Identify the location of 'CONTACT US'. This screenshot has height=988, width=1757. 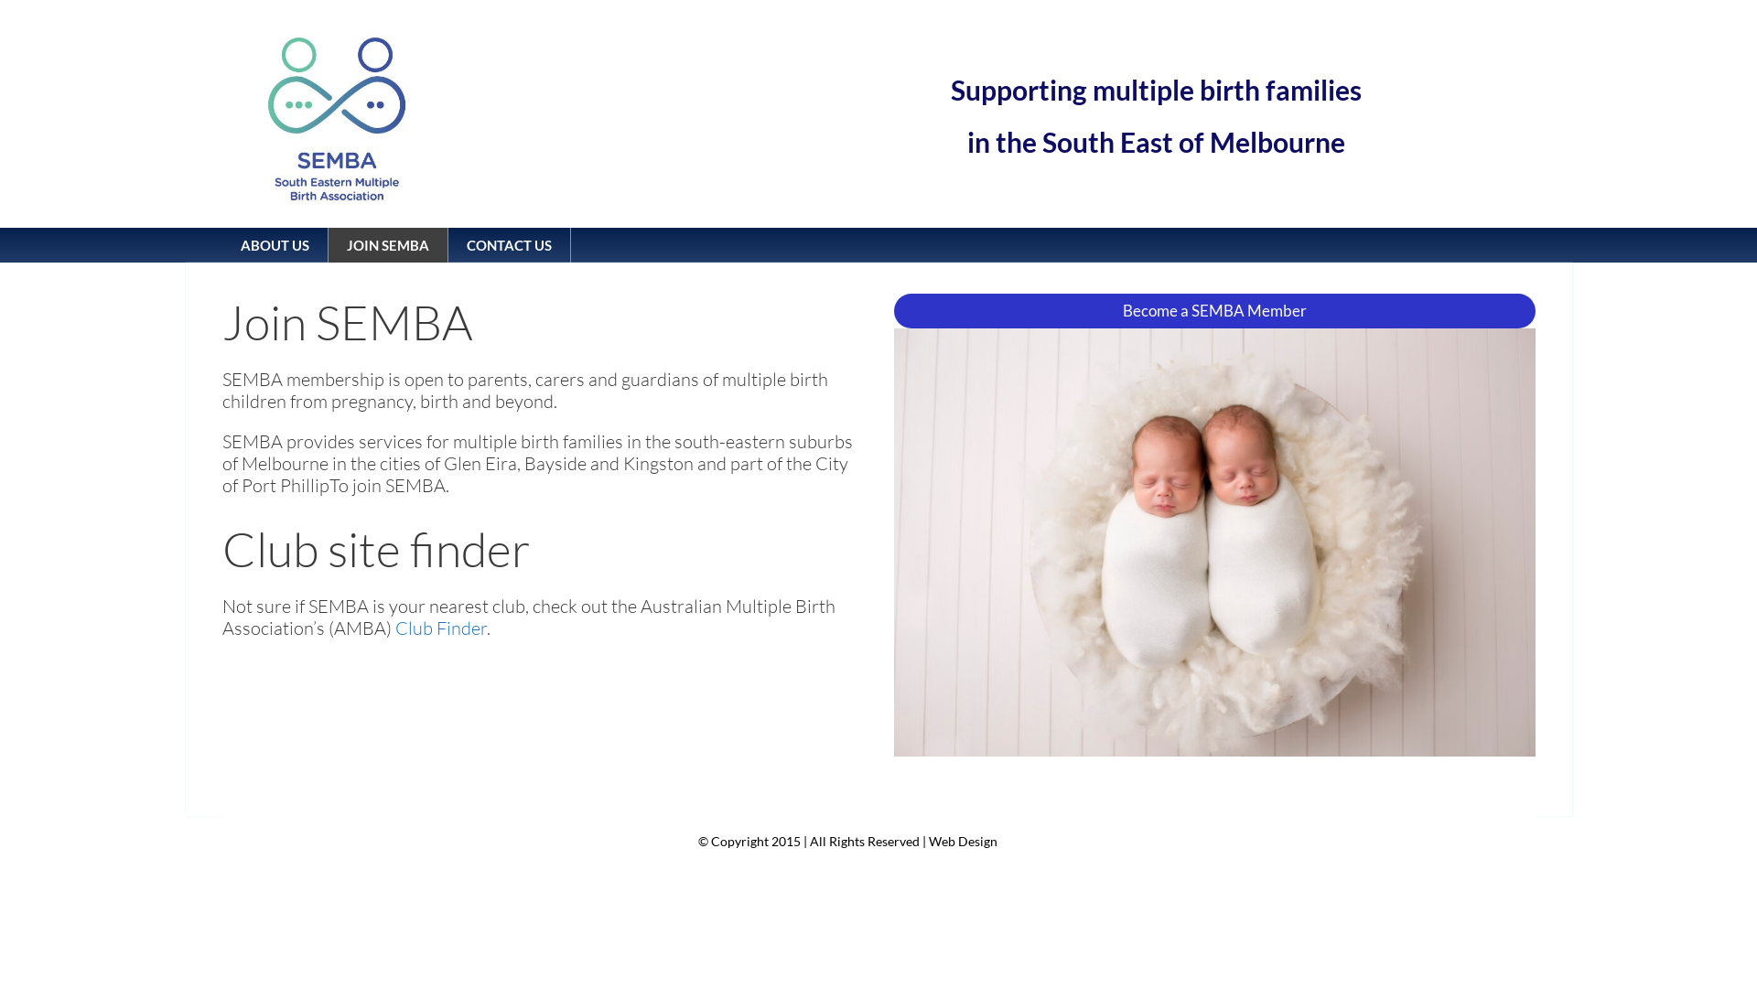
(447, 243).